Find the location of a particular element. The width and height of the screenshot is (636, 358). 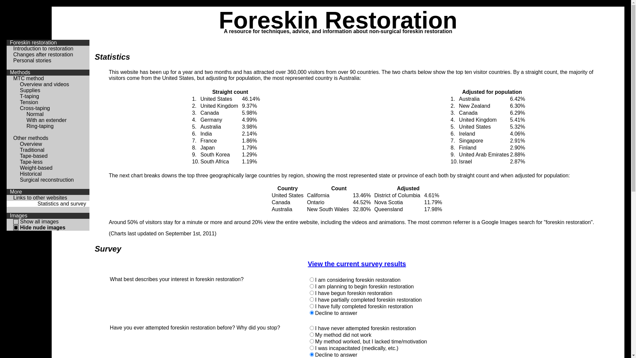

'Traditional' is located at coordinates (31, 150).